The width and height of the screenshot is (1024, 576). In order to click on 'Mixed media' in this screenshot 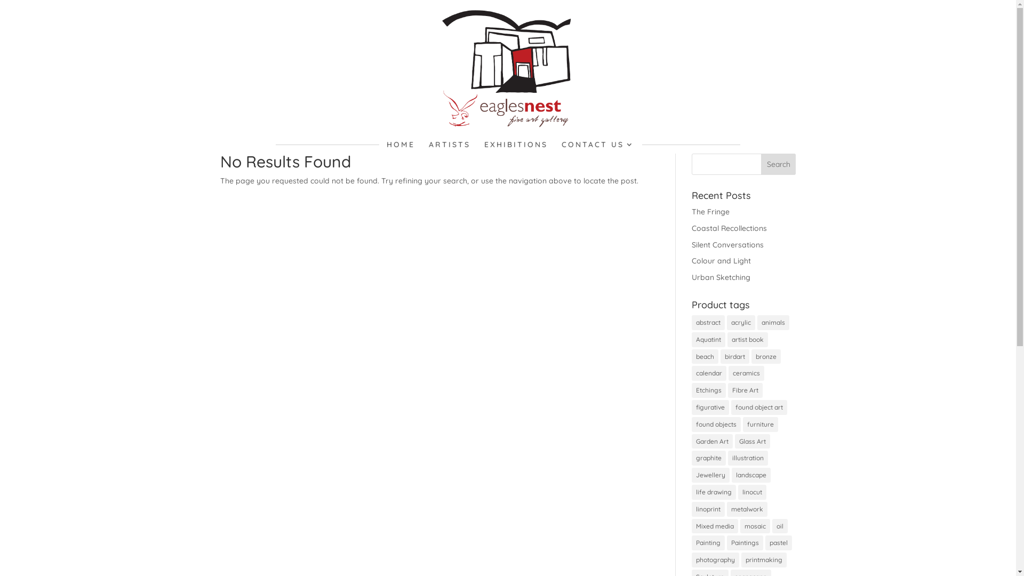, I will do `click(715, 526)`.